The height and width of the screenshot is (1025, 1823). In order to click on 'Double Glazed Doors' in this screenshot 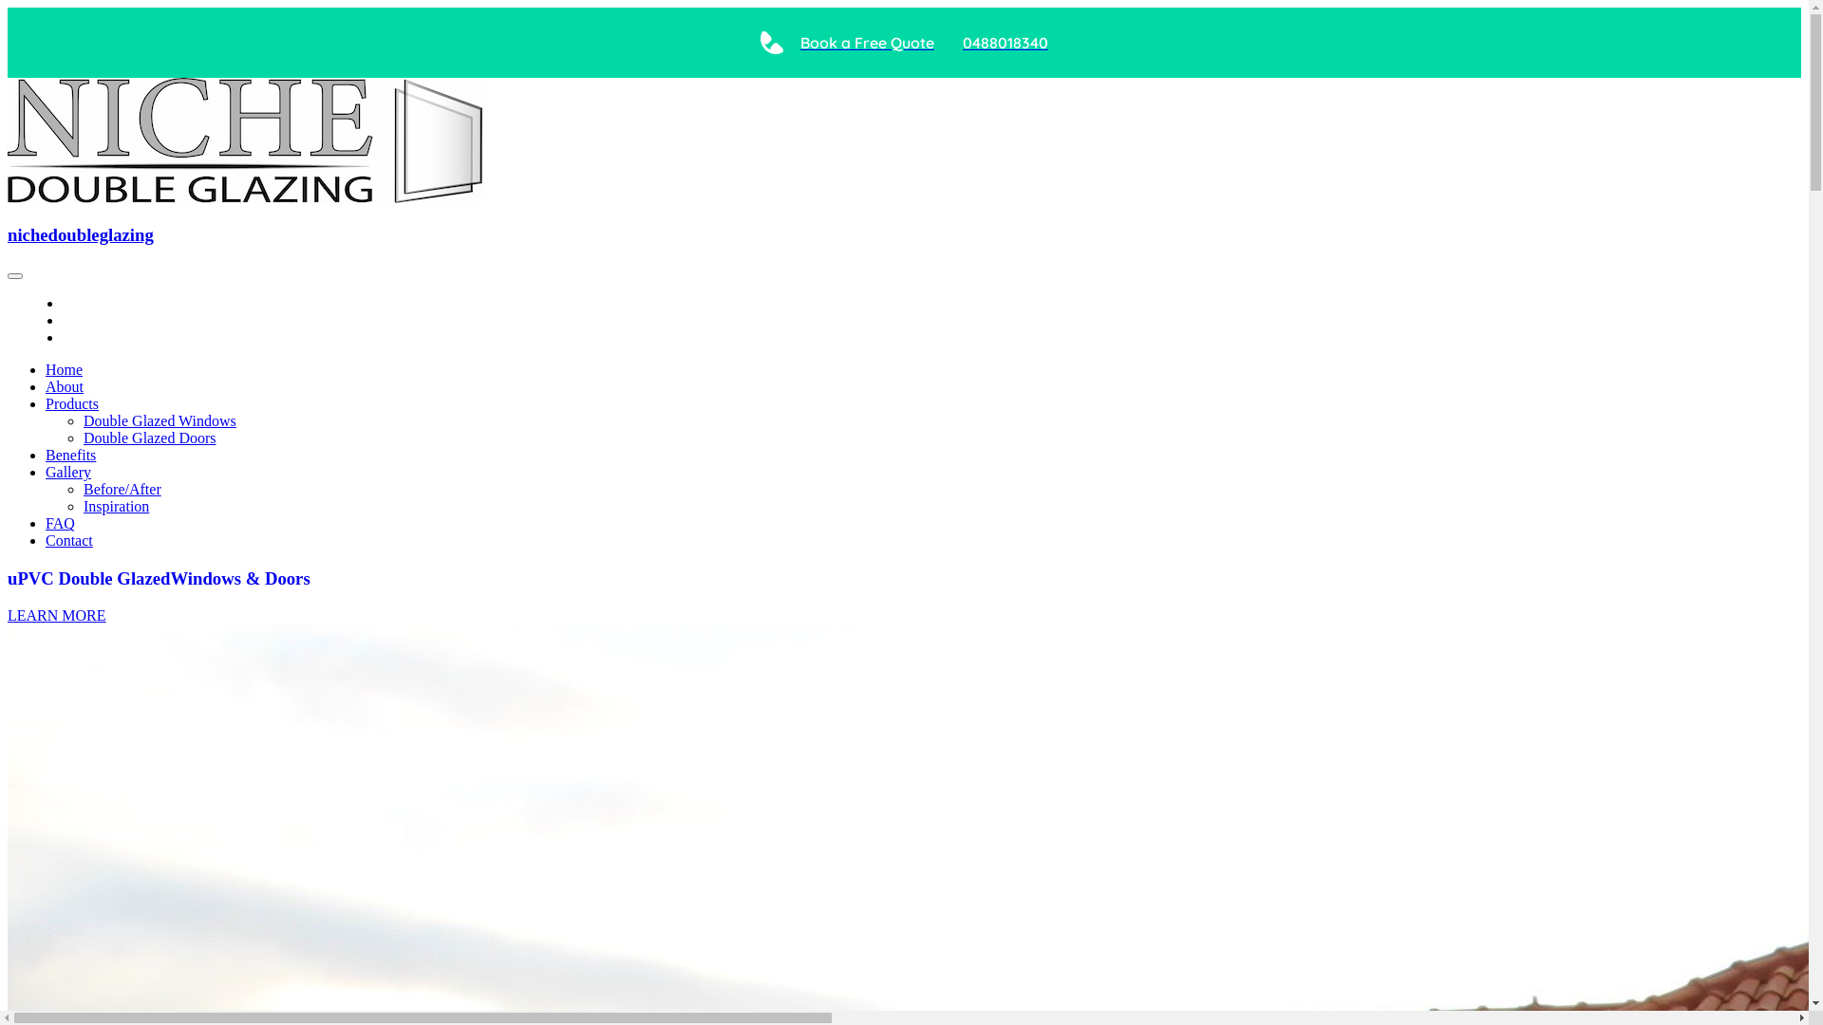, I will do `click(149, 438)`.